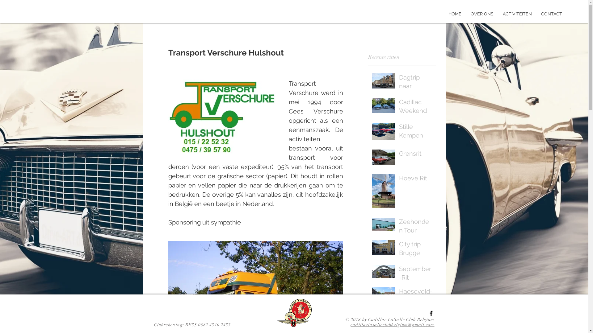 This screenshot has width=593, height=333. I want to click on 'CONTACT', so click(536, 14).